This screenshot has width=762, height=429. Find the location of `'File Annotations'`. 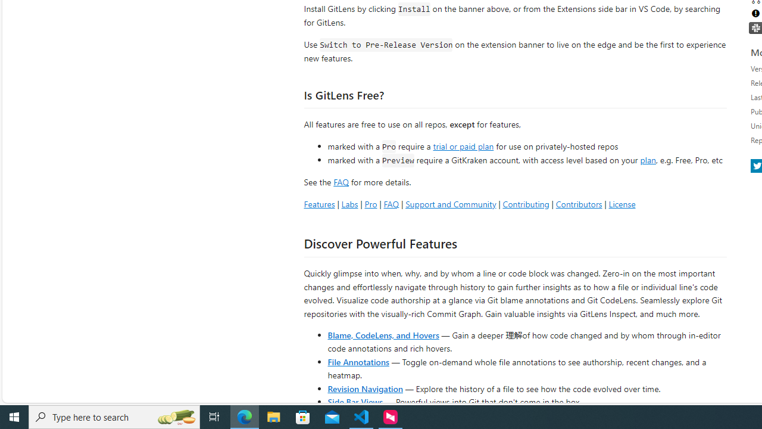

'File Annotations' is located at coordinates (358, 360).